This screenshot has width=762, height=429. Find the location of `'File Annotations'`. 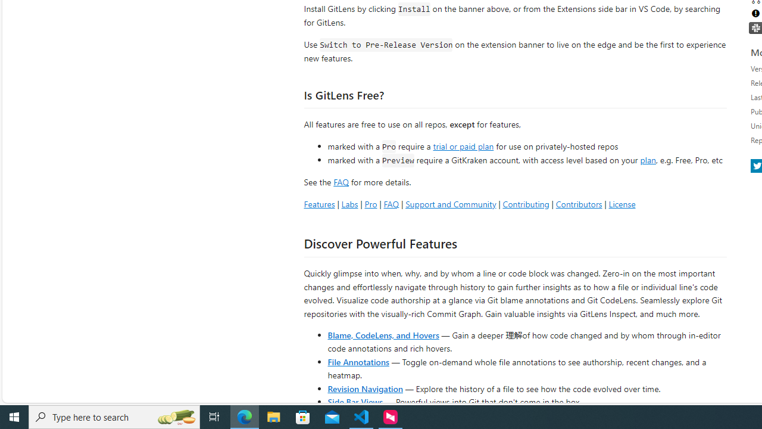

'File Annotations' is located at coordinates (358, 360).